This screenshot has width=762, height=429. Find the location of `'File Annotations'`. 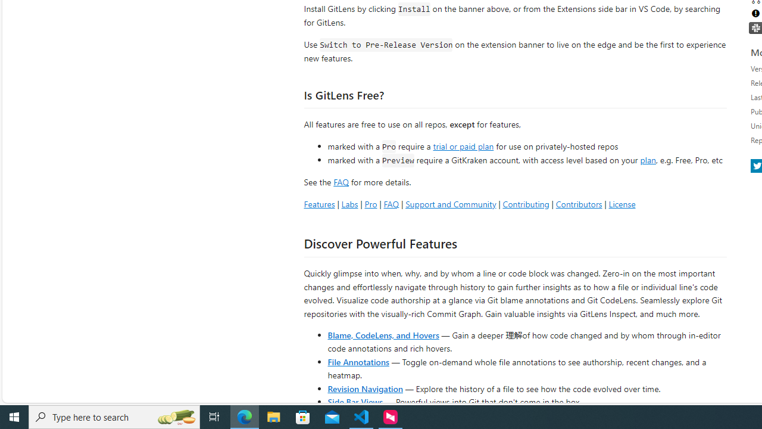

'File Annotations' is located at coordinates (358, 360).